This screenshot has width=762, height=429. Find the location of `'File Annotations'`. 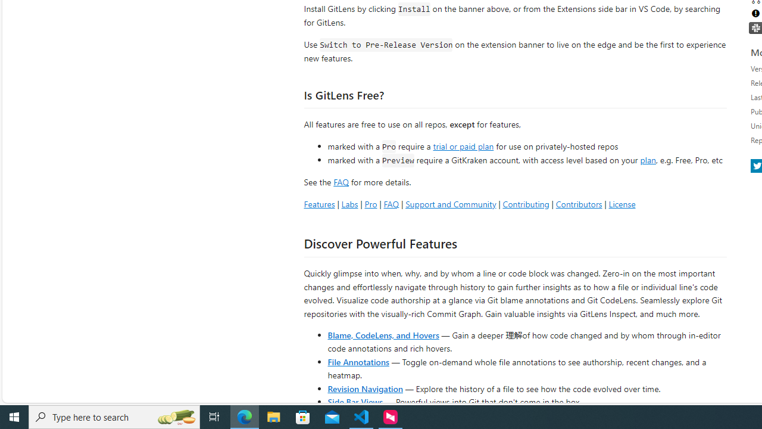

'File Annotations' is located at coordinates (358, 360).